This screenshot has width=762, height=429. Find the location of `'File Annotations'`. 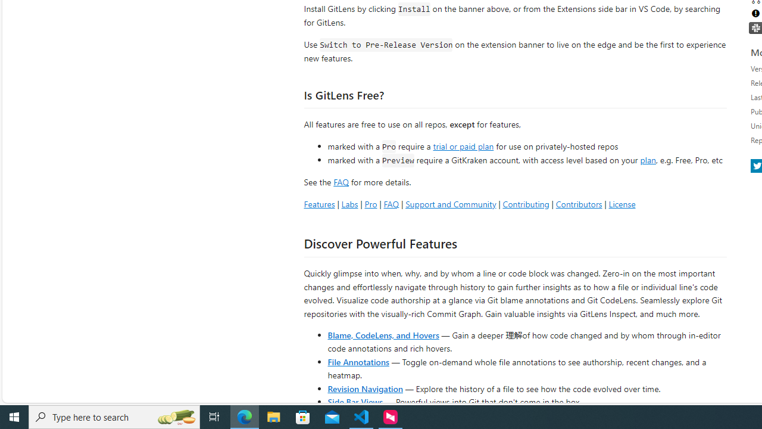

'File Annotations' is located at coordinates (358, 360).